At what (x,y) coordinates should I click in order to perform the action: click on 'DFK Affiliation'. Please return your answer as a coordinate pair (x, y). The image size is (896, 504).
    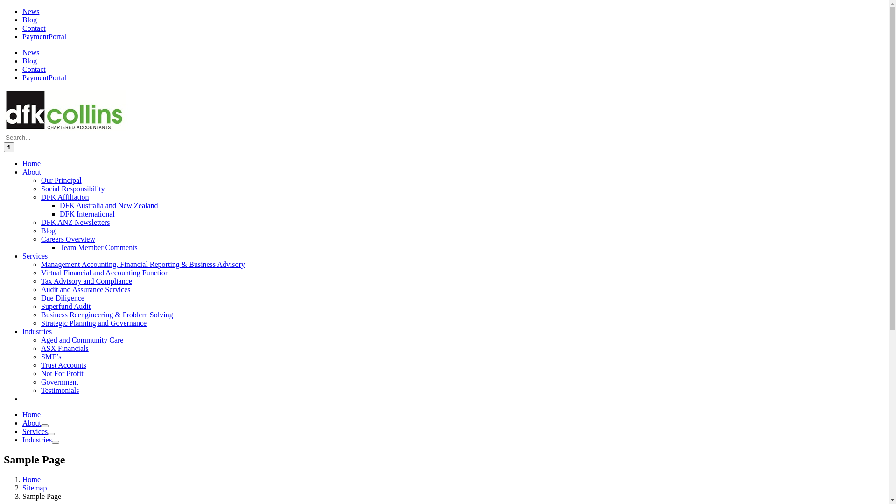
    Looking at the image, I should click on (64, 196).